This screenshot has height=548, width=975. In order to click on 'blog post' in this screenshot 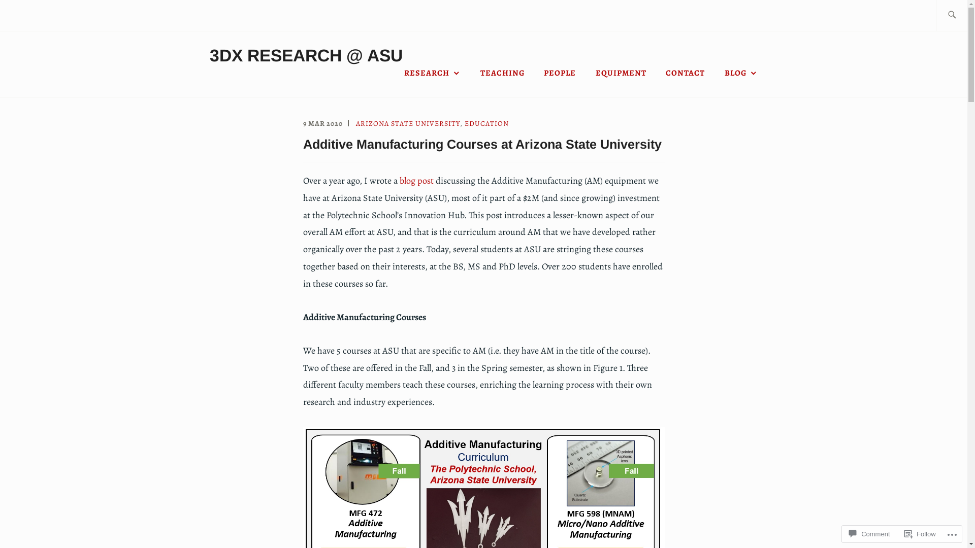, I will do `click(399, 180)`.